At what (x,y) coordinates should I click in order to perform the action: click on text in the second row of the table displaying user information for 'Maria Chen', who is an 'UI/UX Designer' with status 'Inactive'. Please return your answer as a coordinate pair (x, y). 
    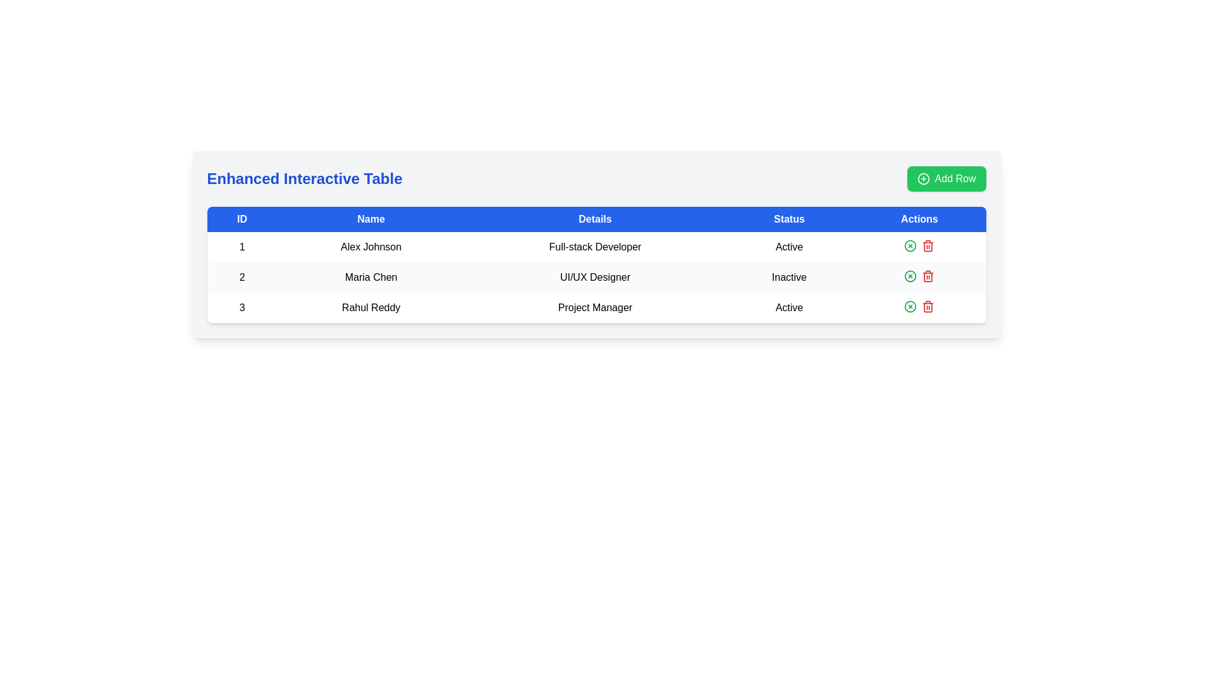
    Looking at the image, I should click on (596, 277).